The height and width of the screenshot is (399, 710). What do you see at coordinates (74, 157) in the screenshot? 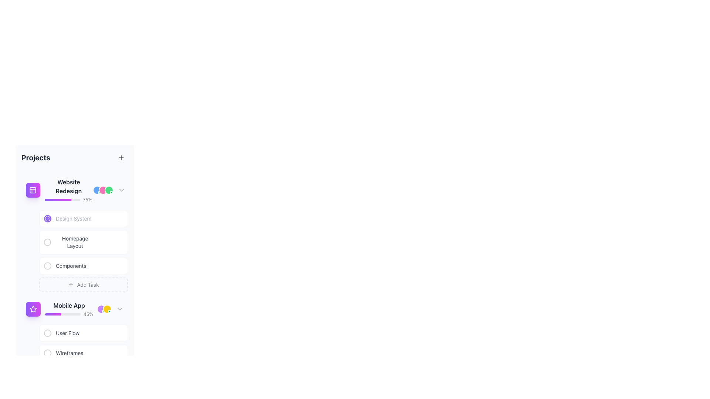
I see `the title on the header bar located at the top of the left section of the task management panel for context` at bounding box center [74, 157].